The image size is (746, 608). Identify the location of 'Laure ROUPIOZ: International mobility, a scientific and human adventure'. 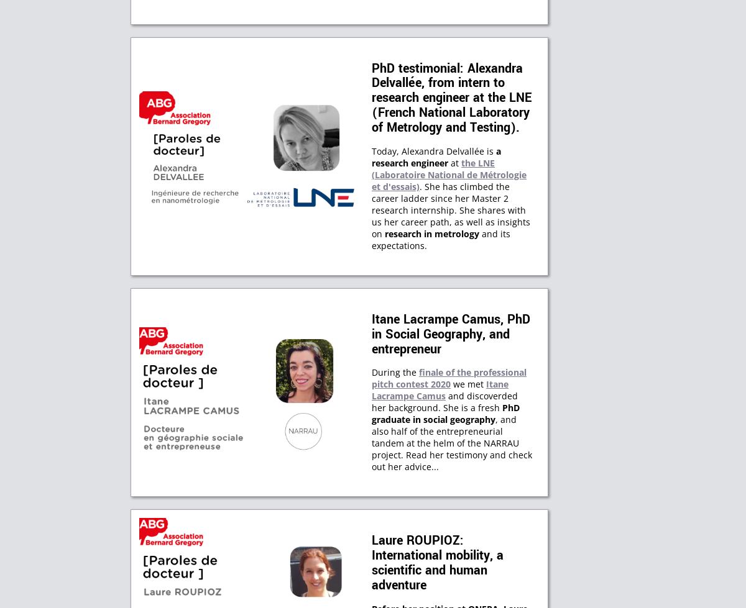
(438, 563).